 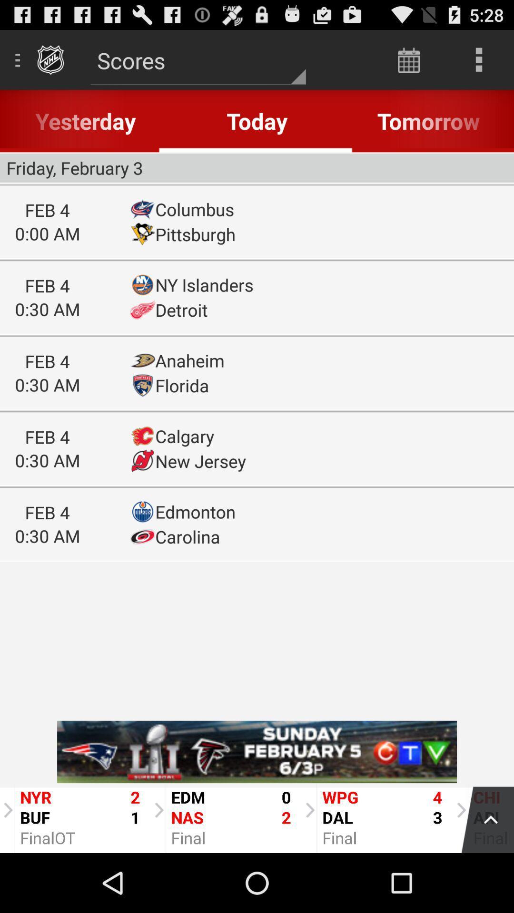 What do you see at coordinates (483, 875) in the screenshot?
I see `the expand_less icon` at bounding box center [483, 875].